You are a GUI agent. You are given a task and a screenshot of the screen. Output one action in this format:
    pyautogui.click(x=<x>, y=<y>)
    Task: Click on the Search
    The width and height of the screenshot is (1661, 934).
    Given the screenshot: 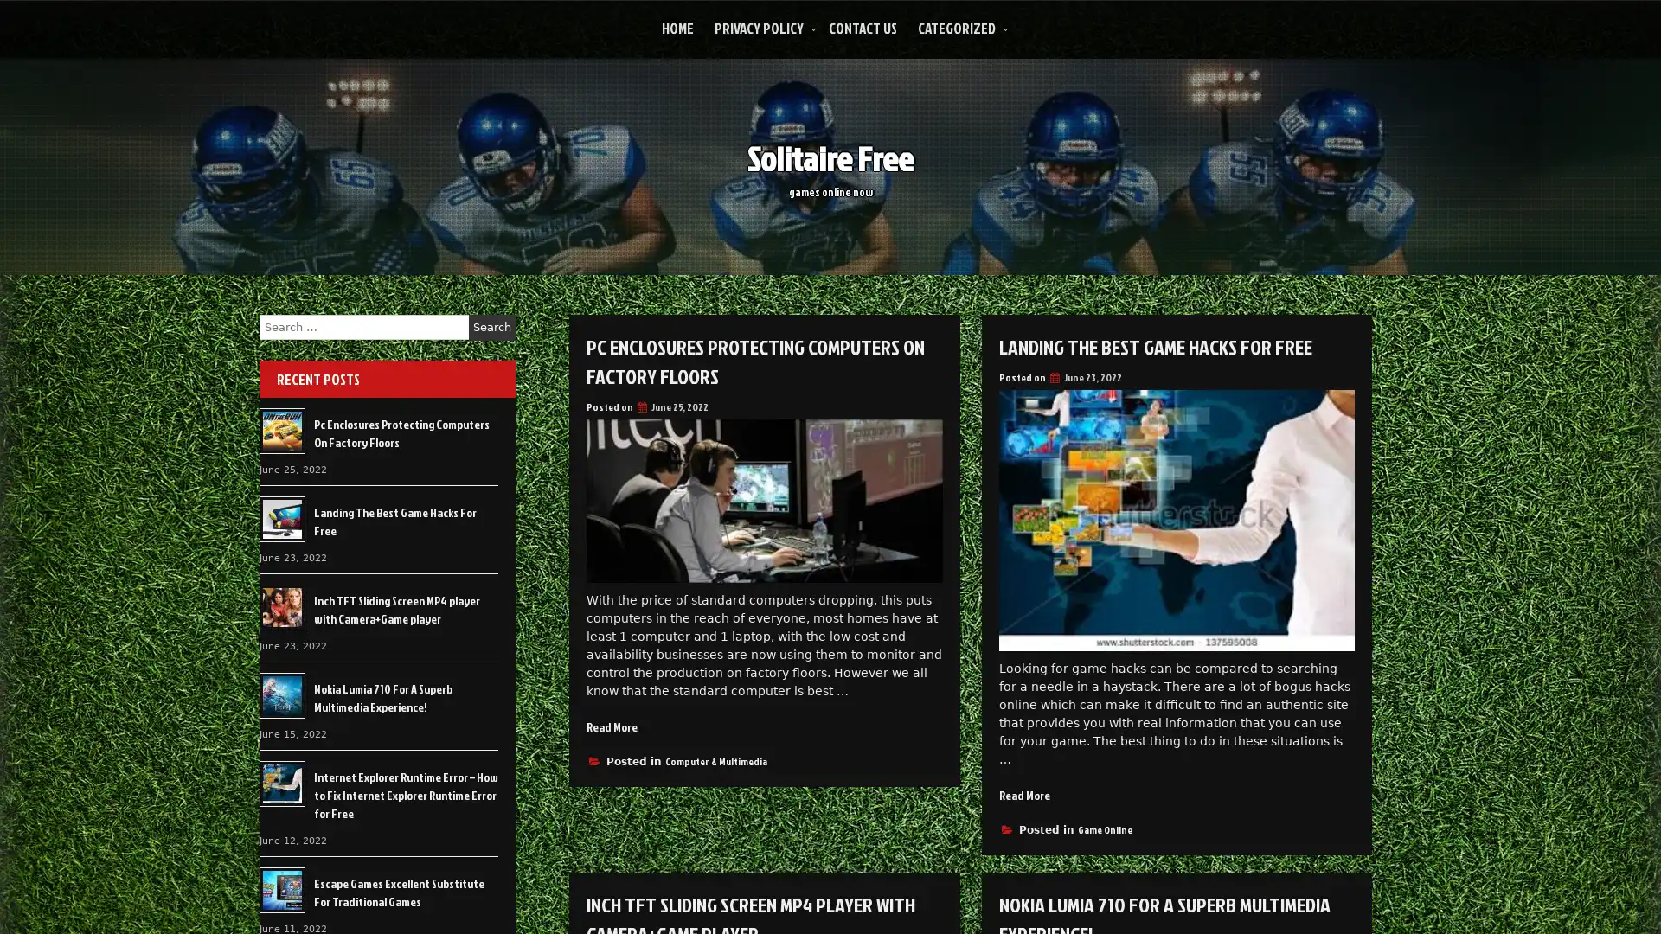 What is the action you would take?
    pyautogui.click(x=491, y=327)
    